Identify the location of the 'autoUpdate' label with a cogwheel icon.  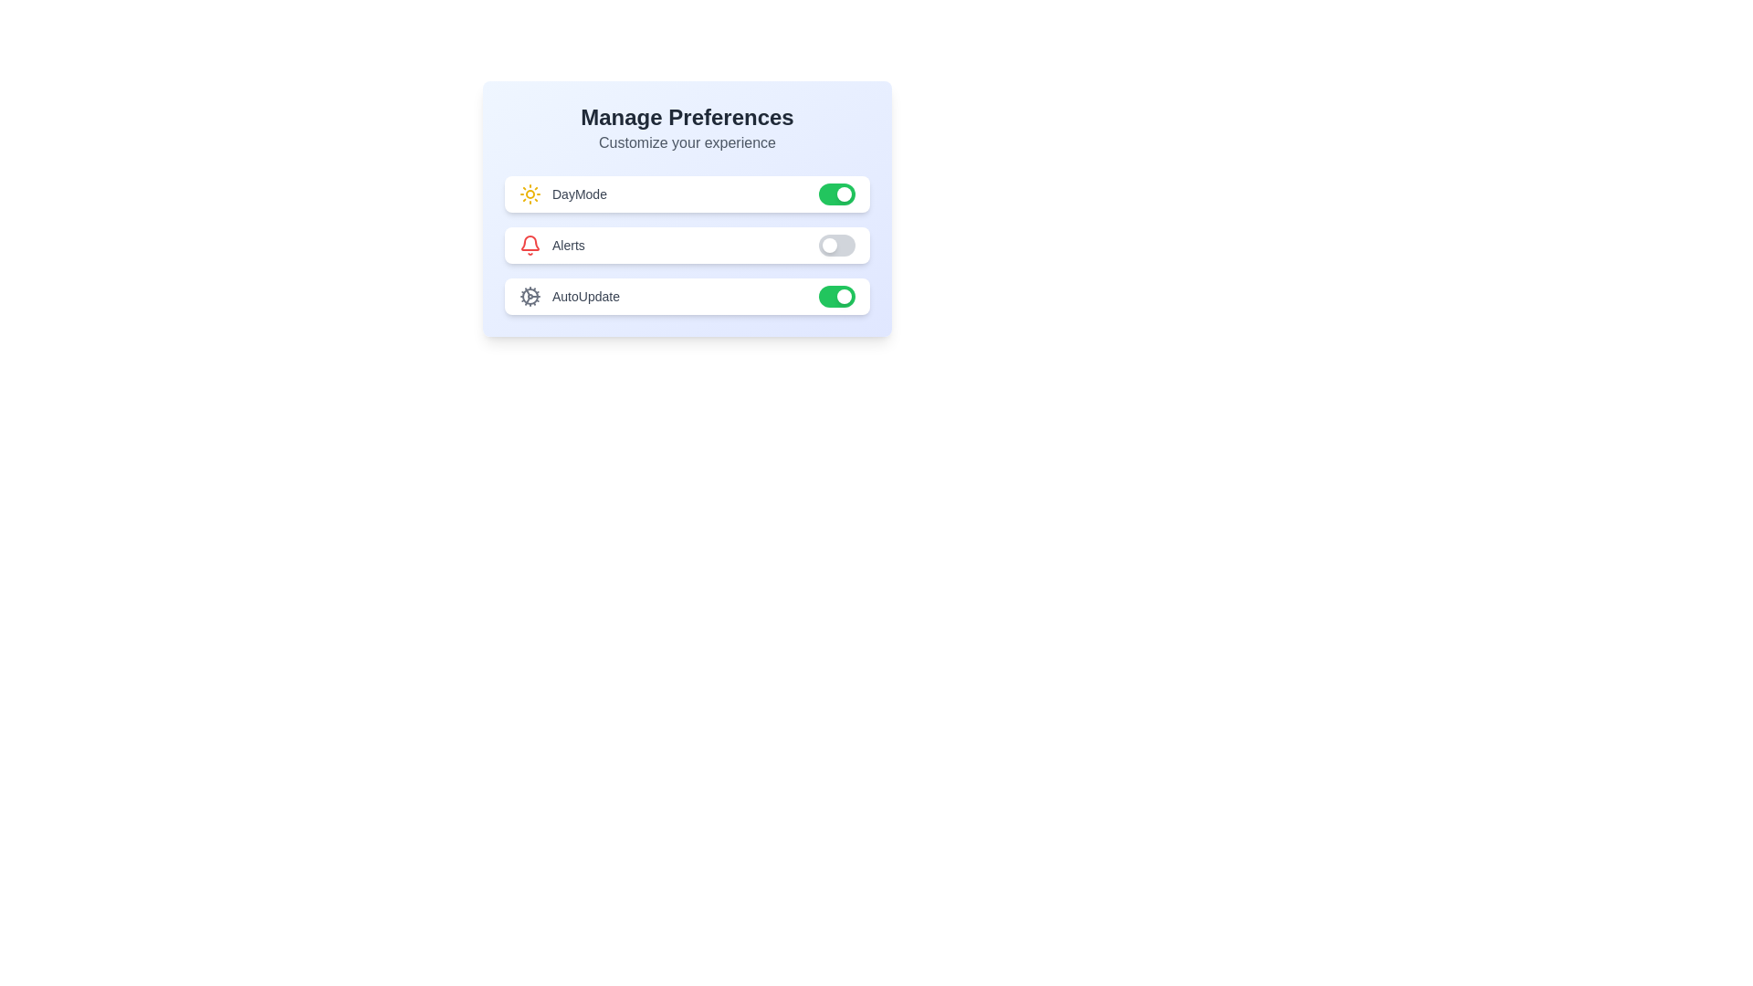
(569, 295).